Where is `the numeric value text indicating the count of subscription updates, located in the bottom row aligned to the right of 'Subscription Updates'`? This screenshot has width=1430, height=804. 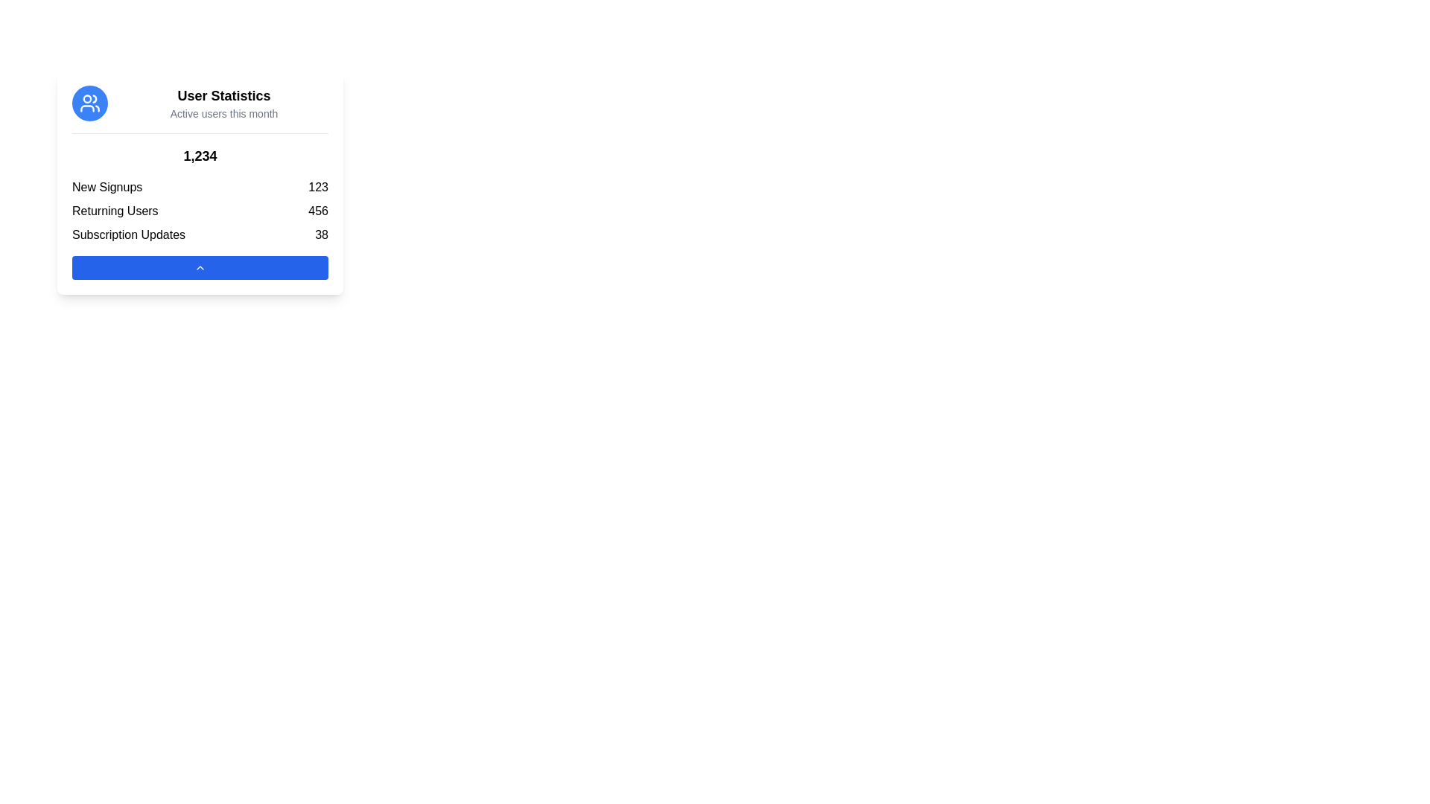
the numeric value text indicating the count of subscription updates, located in the bottom row aligned to the right of 'Subscription Updates' is located at coordinates (321, 234).